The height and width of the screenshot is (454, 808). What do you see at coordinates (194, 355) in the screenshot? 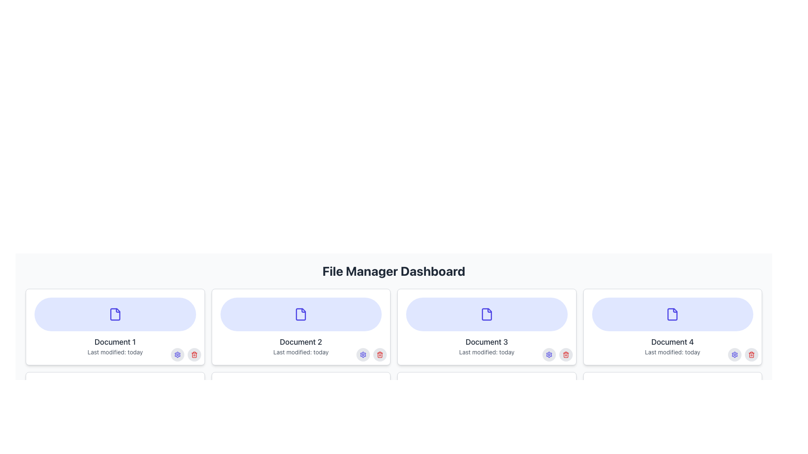
I see `the delete button located in the bottom-right corner of the 'Document 1' card to permanently remove the associated file` at bounding box center [194, 355].